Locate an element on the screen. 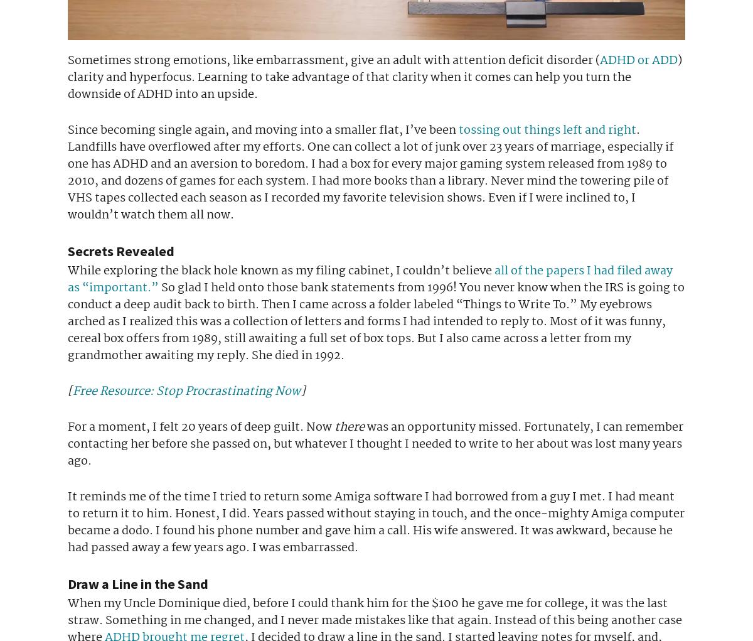 The height and width of the screenshot is (641, 753). 'For a moment, I felt 20 years of deep guilt. Now' is located at coordinates (68, 426).